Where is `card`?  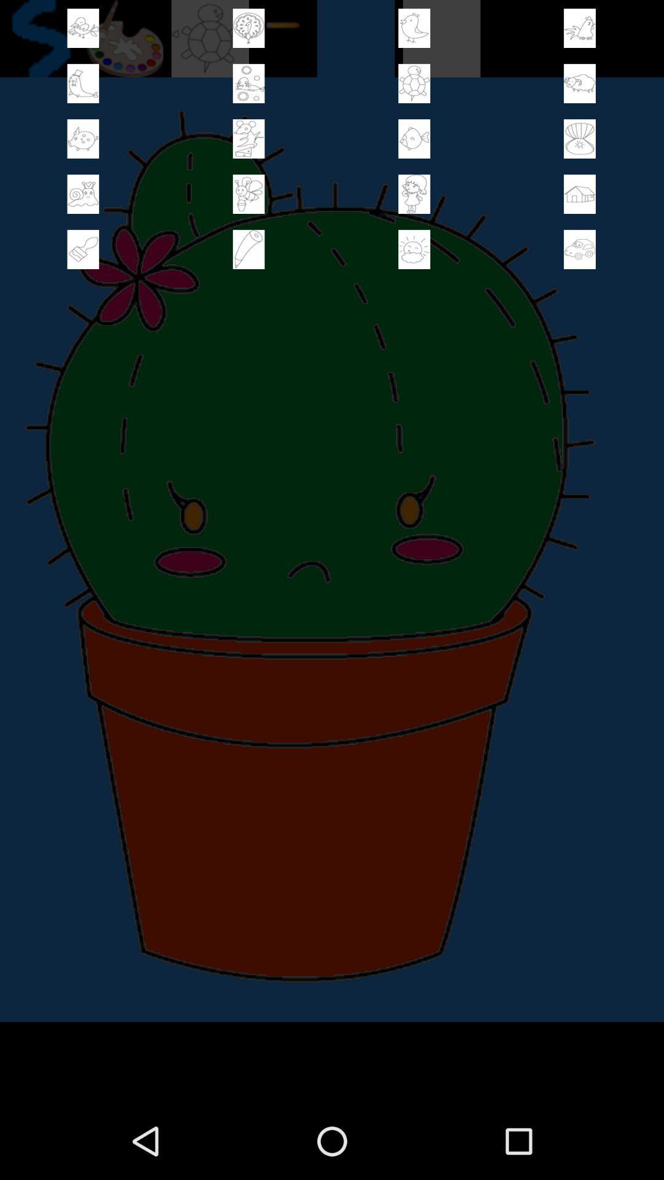 card is located at coordinates (580, 249).